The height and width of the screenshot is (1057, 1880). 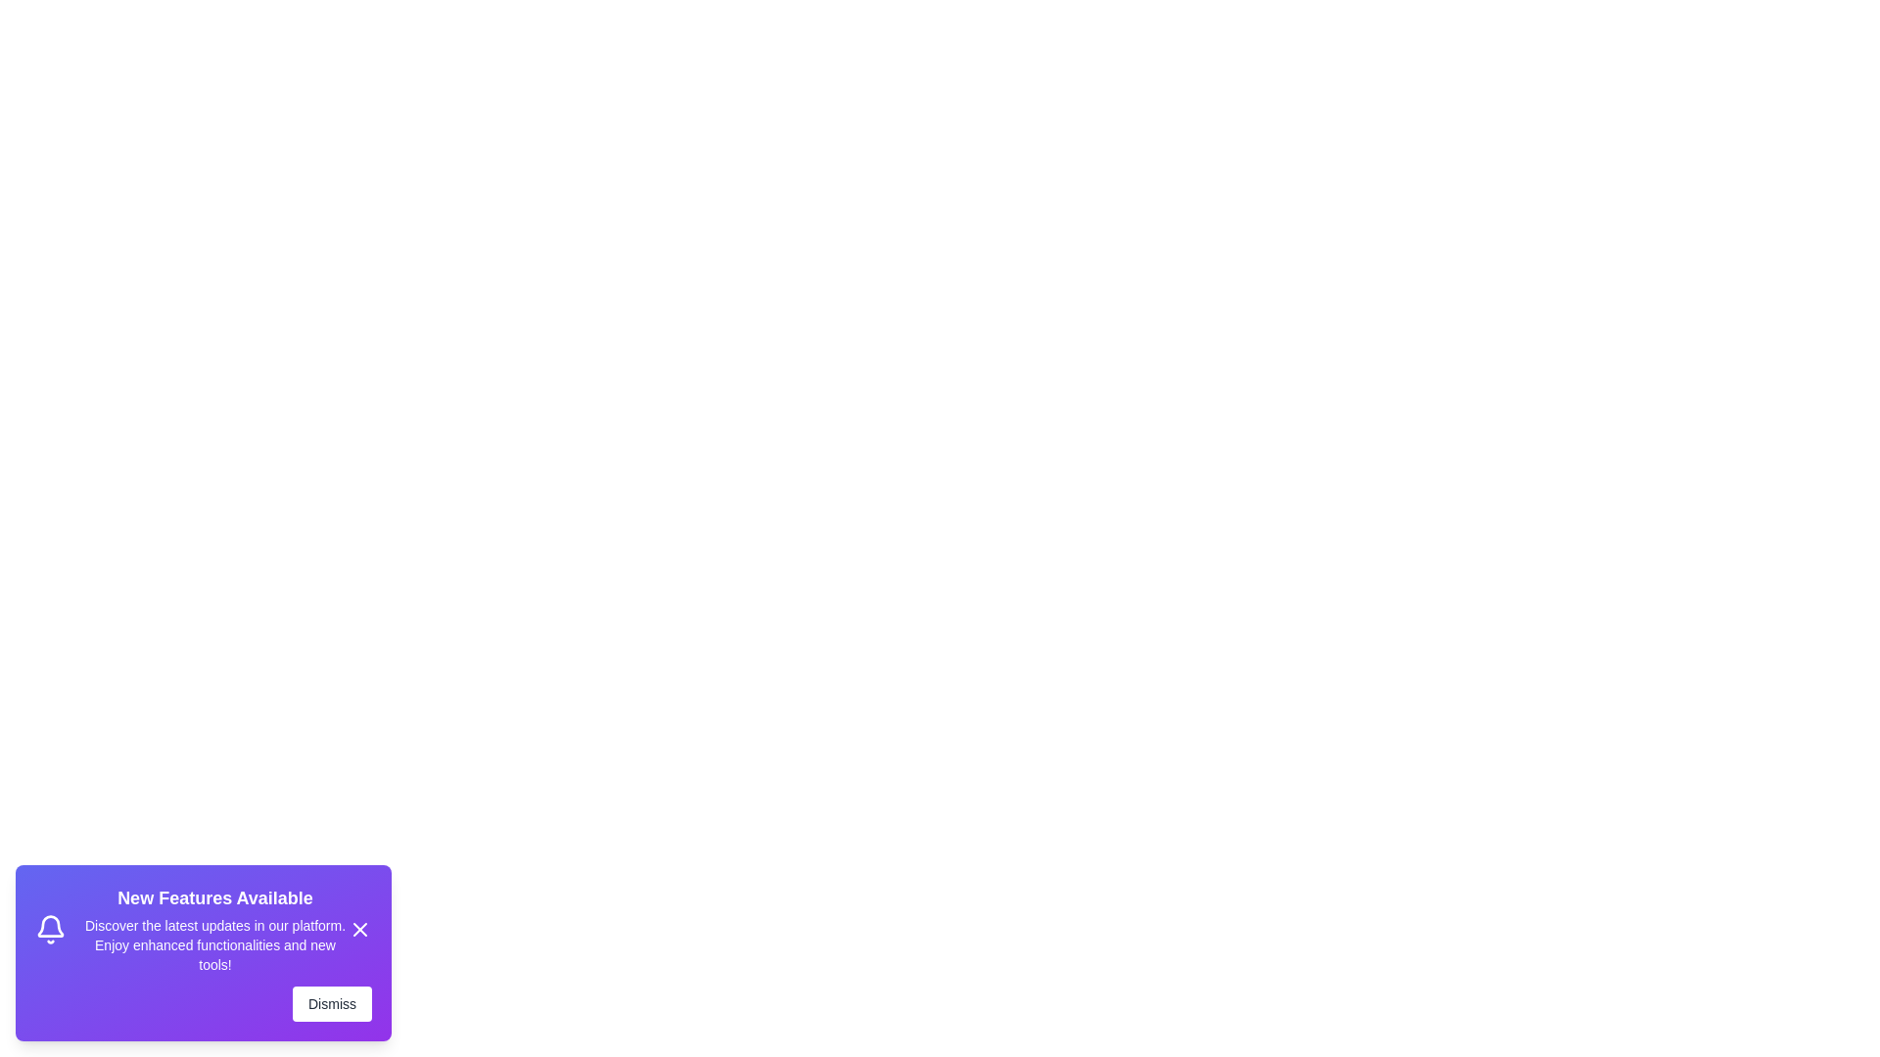 What do you see at coordinates (332, 1004) in the screenshot?
I see `'Dismiss' button to hide the snackbar` at bounding box center [332, 1004].